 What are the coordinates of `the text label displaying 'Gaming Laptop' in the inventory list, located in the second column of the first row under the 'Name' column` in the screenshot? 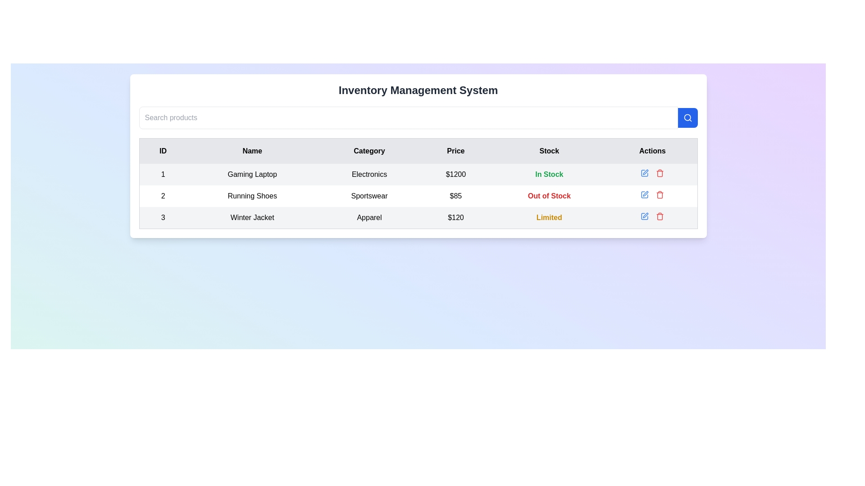 It's located at (252, 175).